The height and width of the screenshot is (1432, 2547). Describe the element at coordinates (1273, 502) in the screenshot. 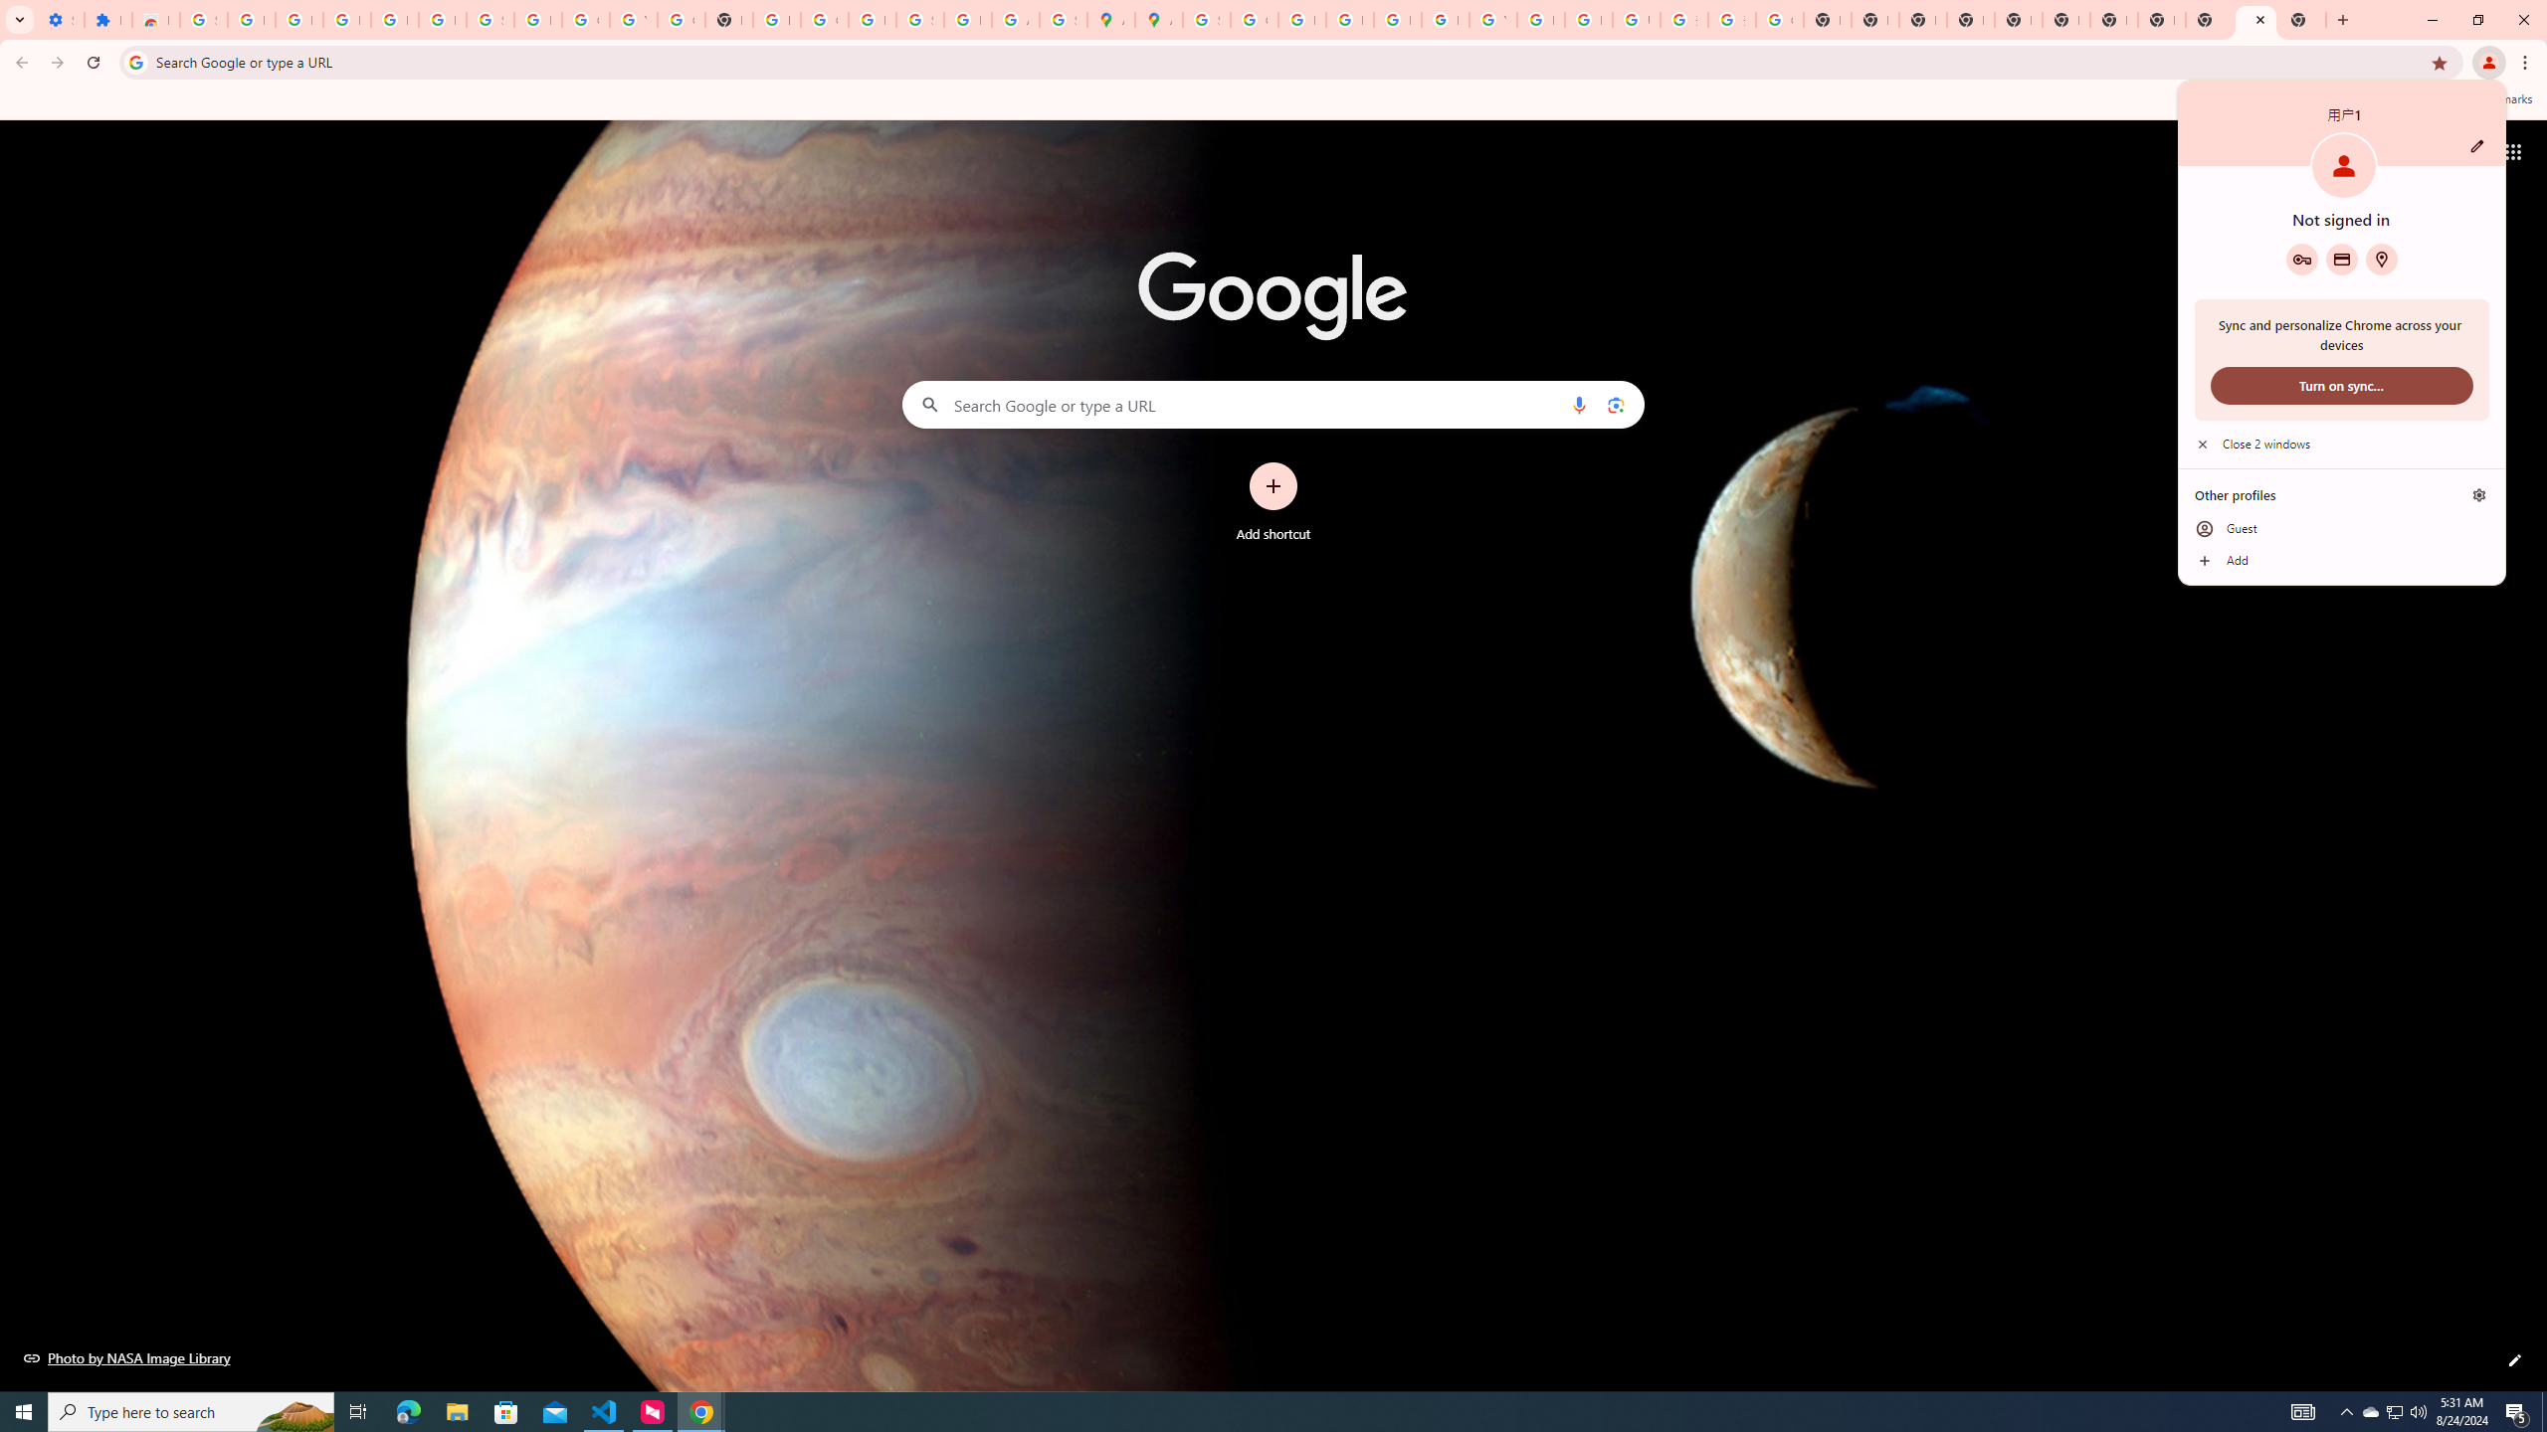

I see `'Add shortcut'` at that location.